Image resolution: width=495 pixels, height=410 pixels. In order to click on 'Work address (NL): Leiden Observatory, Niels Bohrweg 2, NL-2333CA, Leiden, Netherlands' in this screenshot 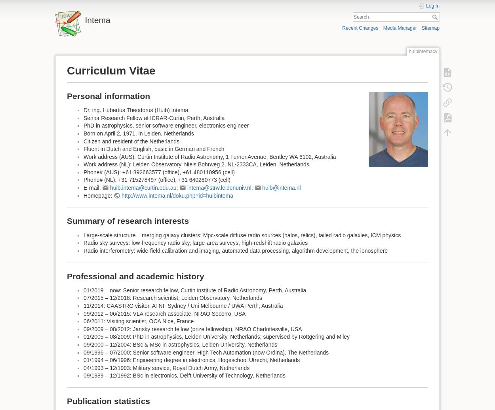, I will do `click(196, 164)`.